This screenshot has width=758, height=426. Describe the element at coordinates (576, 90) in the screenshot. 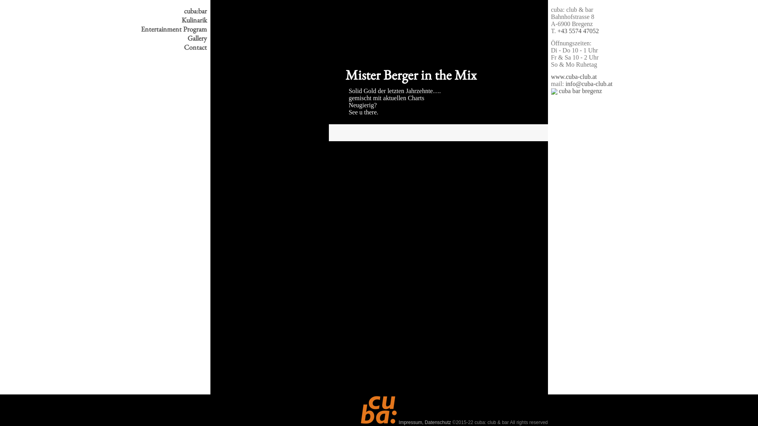

I see `'cuba bar bregenz'` at that location.